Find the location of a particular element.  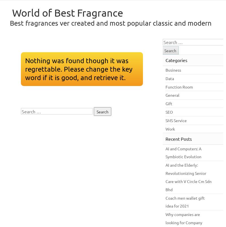

'Why companies are looking for' is located at coordinates (182, 218).